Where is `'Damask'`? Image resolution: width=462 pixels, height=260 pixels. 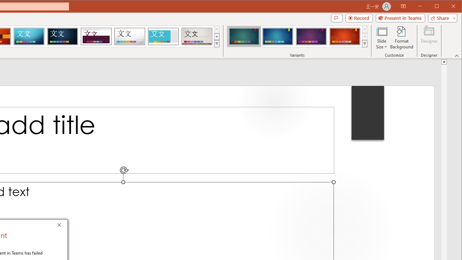 'Damask' is located at coordinates (62, 36).